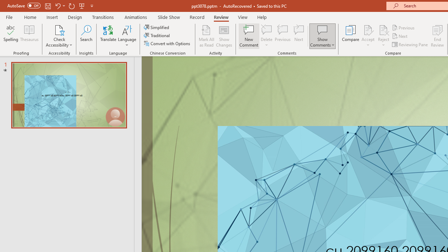 Image resolution: width=448 pixels, height=252 pixels. I want to click on 'Traditional', so click(157, 35).